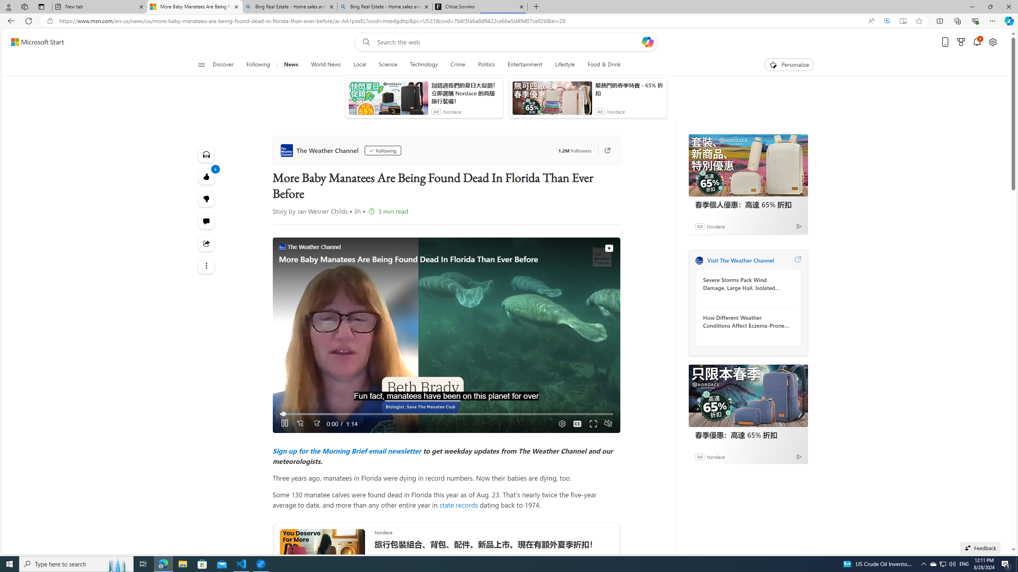  I want to click on 'Lifestyle', so click(564, 64).